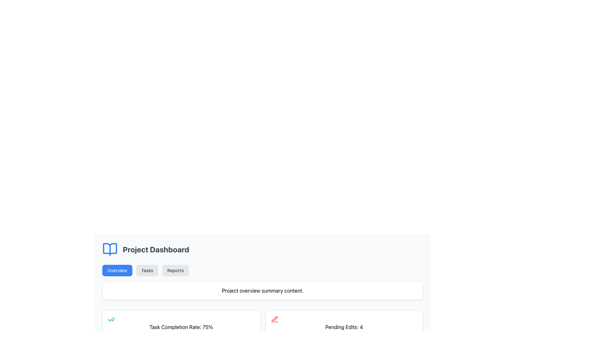 Image resolution: width=614 pixels, height=345 pixels. What do you see at coordinates (110, 249) in the screenshot?
I see `the left page of the open book icon, which is styled with a blue theme and is part of an SVG format, located to the left of the 'Project Dashboard' title` at bounding box center [110, 249].